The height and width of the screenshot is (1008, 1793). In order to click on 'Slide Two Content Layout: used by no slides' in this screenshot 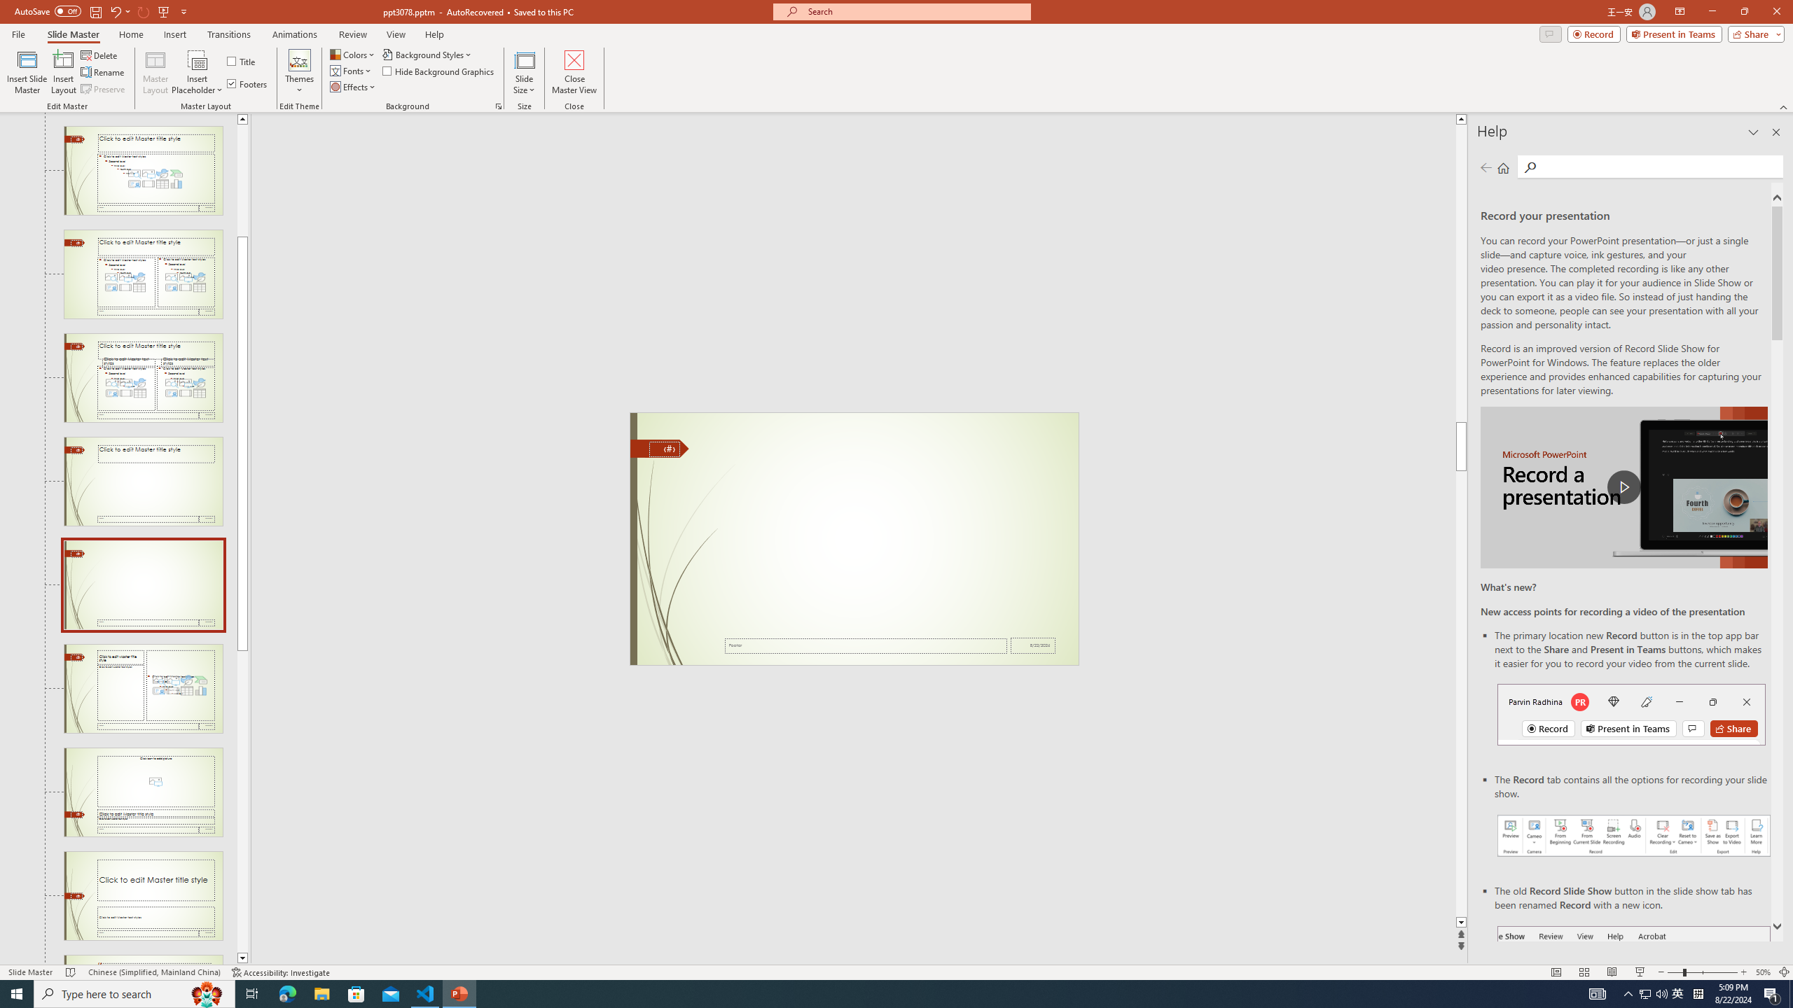, I will do `click(142, 273)`.